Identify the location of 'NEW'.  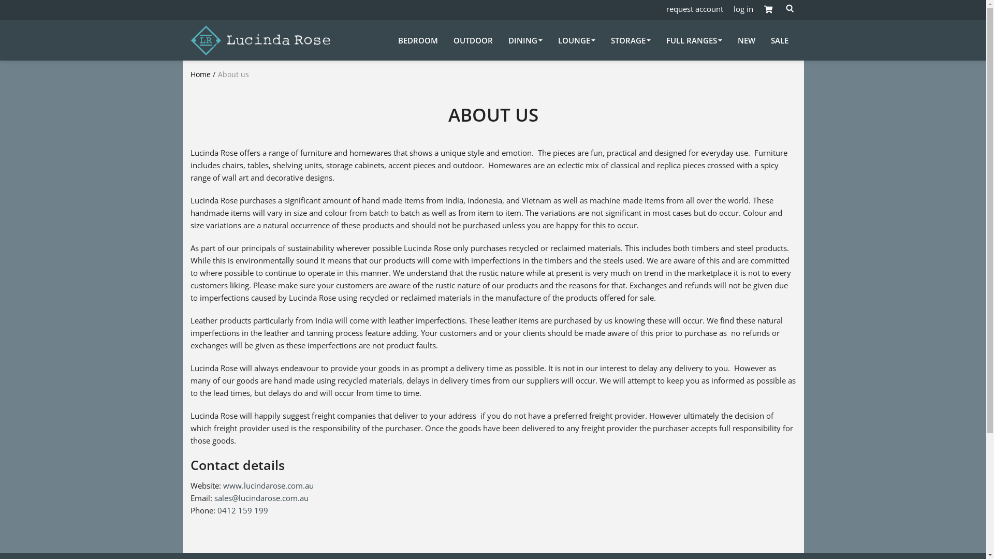
(737, 39).